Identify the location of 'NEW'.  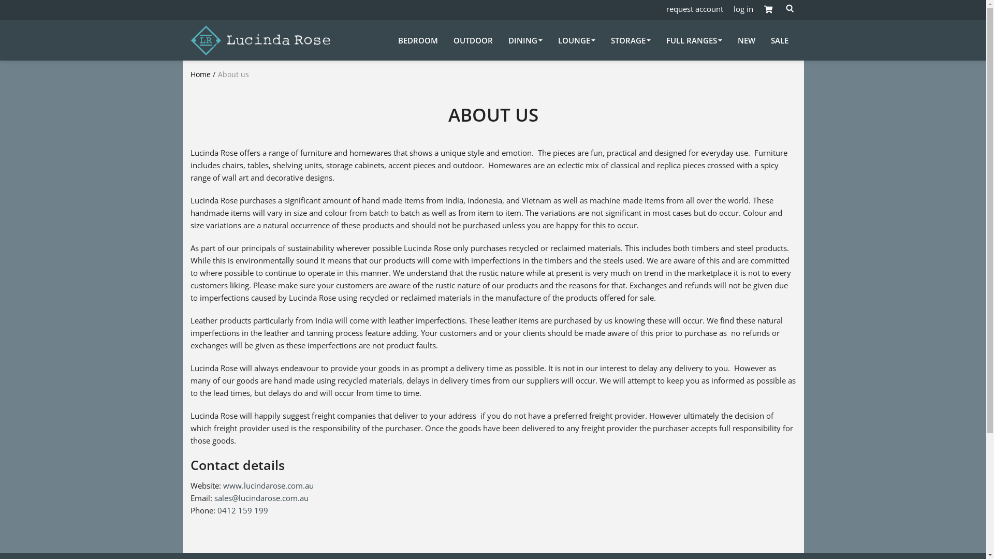
(737, 39).